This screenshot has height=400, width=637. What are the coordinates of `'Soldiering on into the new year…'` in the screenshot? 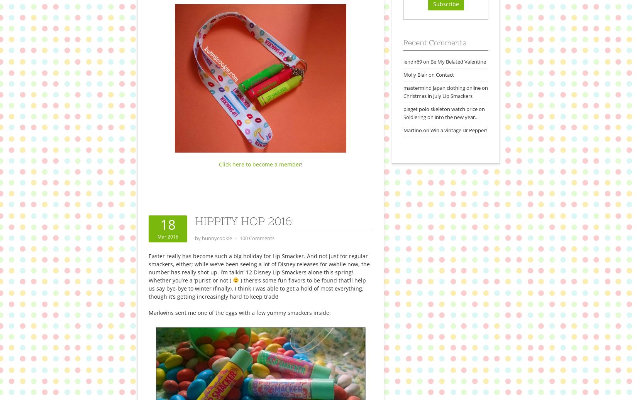 It's located at (403, 116).